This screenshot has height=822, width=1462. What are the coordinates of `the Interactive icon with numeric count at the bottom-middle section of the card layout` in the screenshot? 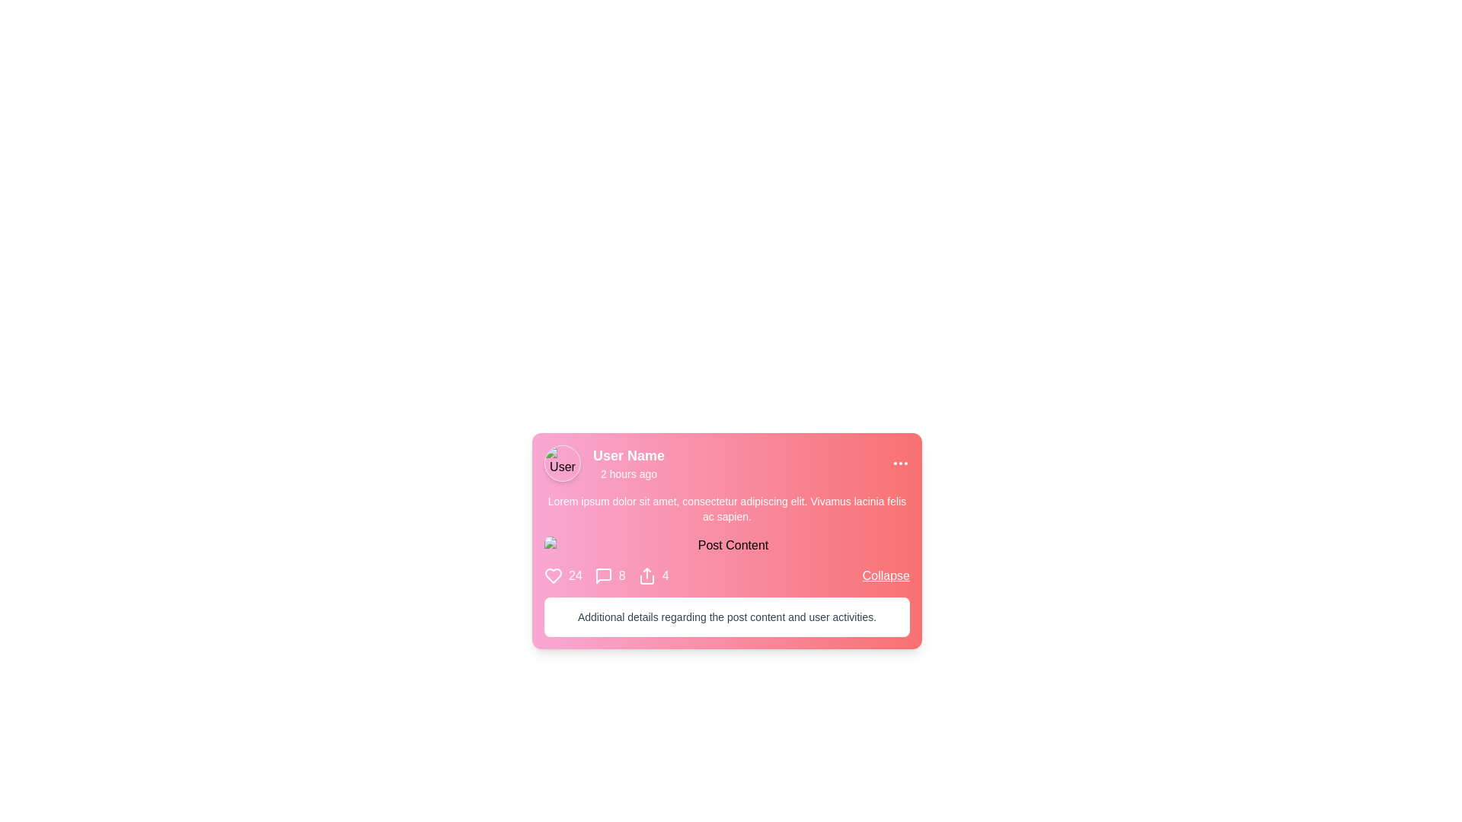 It's located at (562, 575).